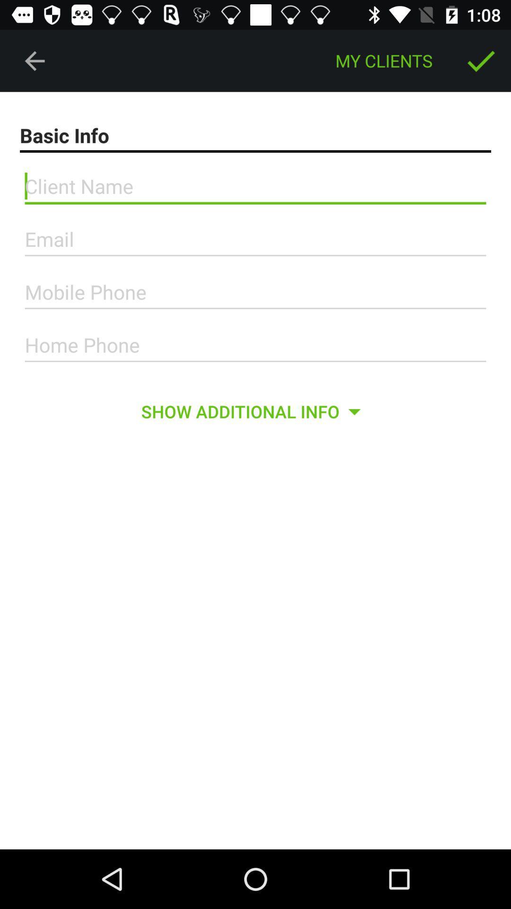 The height and width of the screenshot is (909, 511). I want to click on put the mobile phone, so click(255, 292).